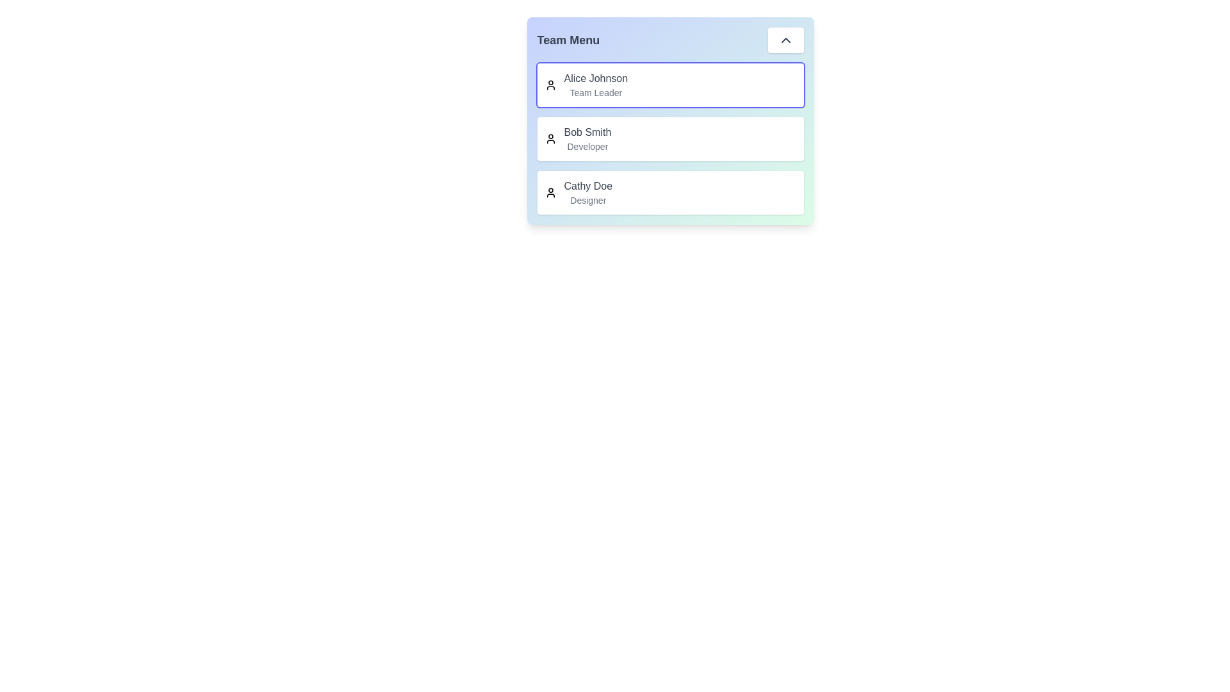 This screenshot has width=1230, height=692. Describe the element at coordinates (669, 39) in the screenshot. I see `the team menu header to inspect it` at that location.